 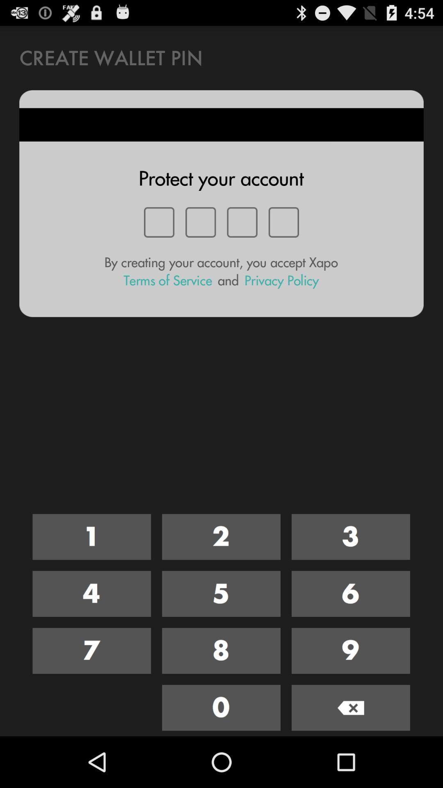 I want to click on input numeral four, so click(x=91, y=594).